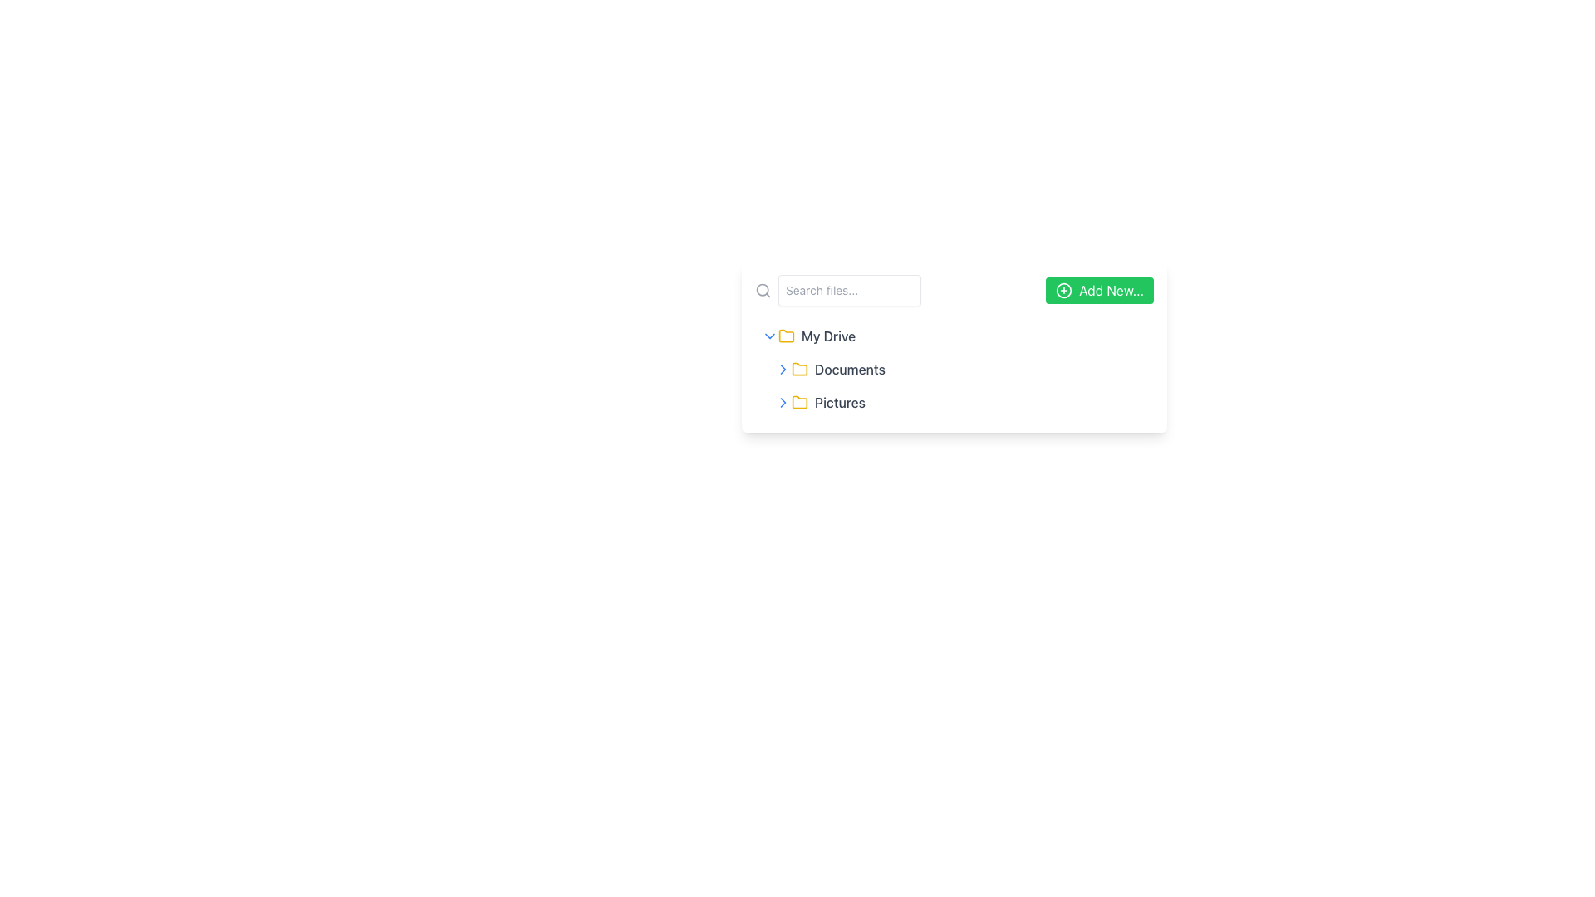 The width and height of the screenshot is (1595, 897). Describe the element at coordinates (828, 336) in the screenshot. I see `the 'My Drive' text label that serves as a clickable reference for accessing folder contents, located immediately to the right of the yellow folder icon` at that location.